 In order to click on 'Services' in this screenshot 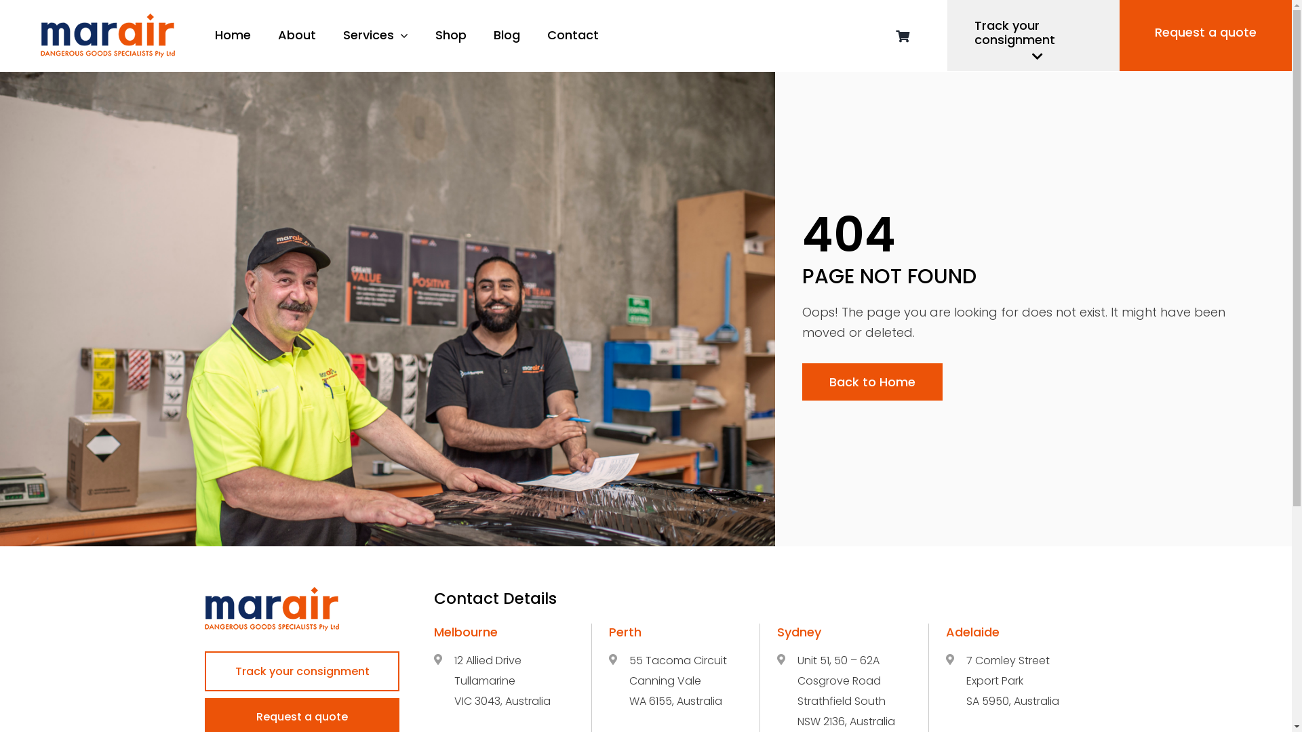, I will do `click(375, 35)`.